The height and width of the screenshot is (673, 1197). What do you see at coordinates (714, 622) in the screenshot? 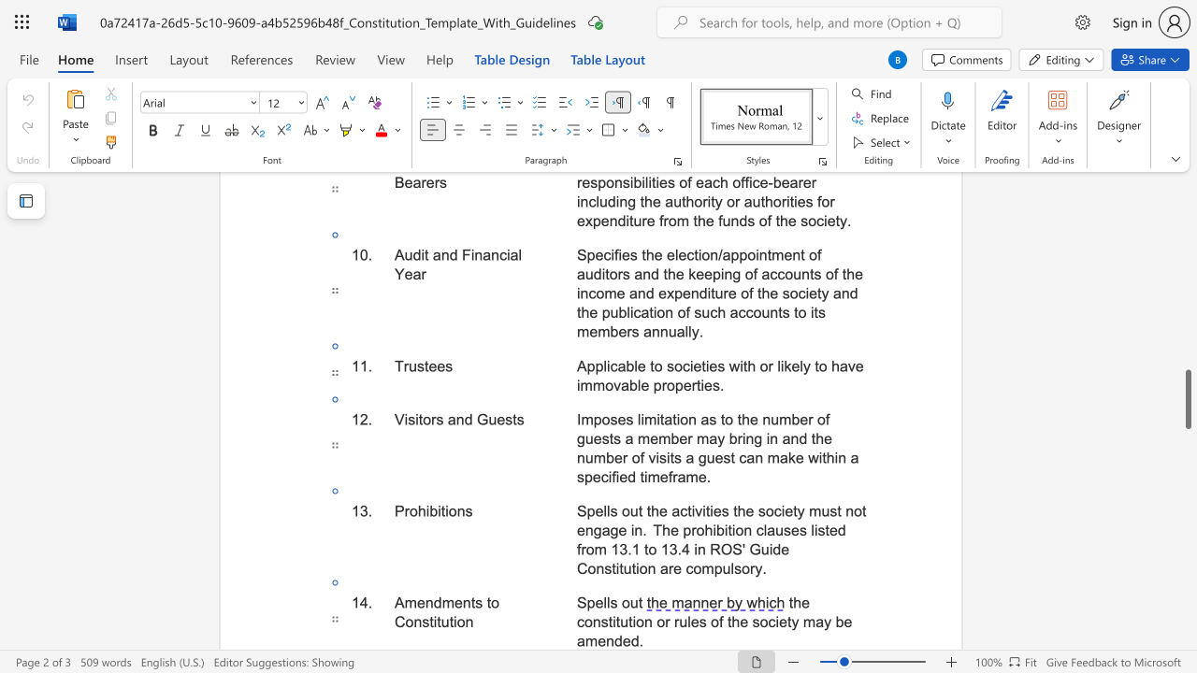
I see `the 4th character "o" in the text` at bounding box center [714, 622].